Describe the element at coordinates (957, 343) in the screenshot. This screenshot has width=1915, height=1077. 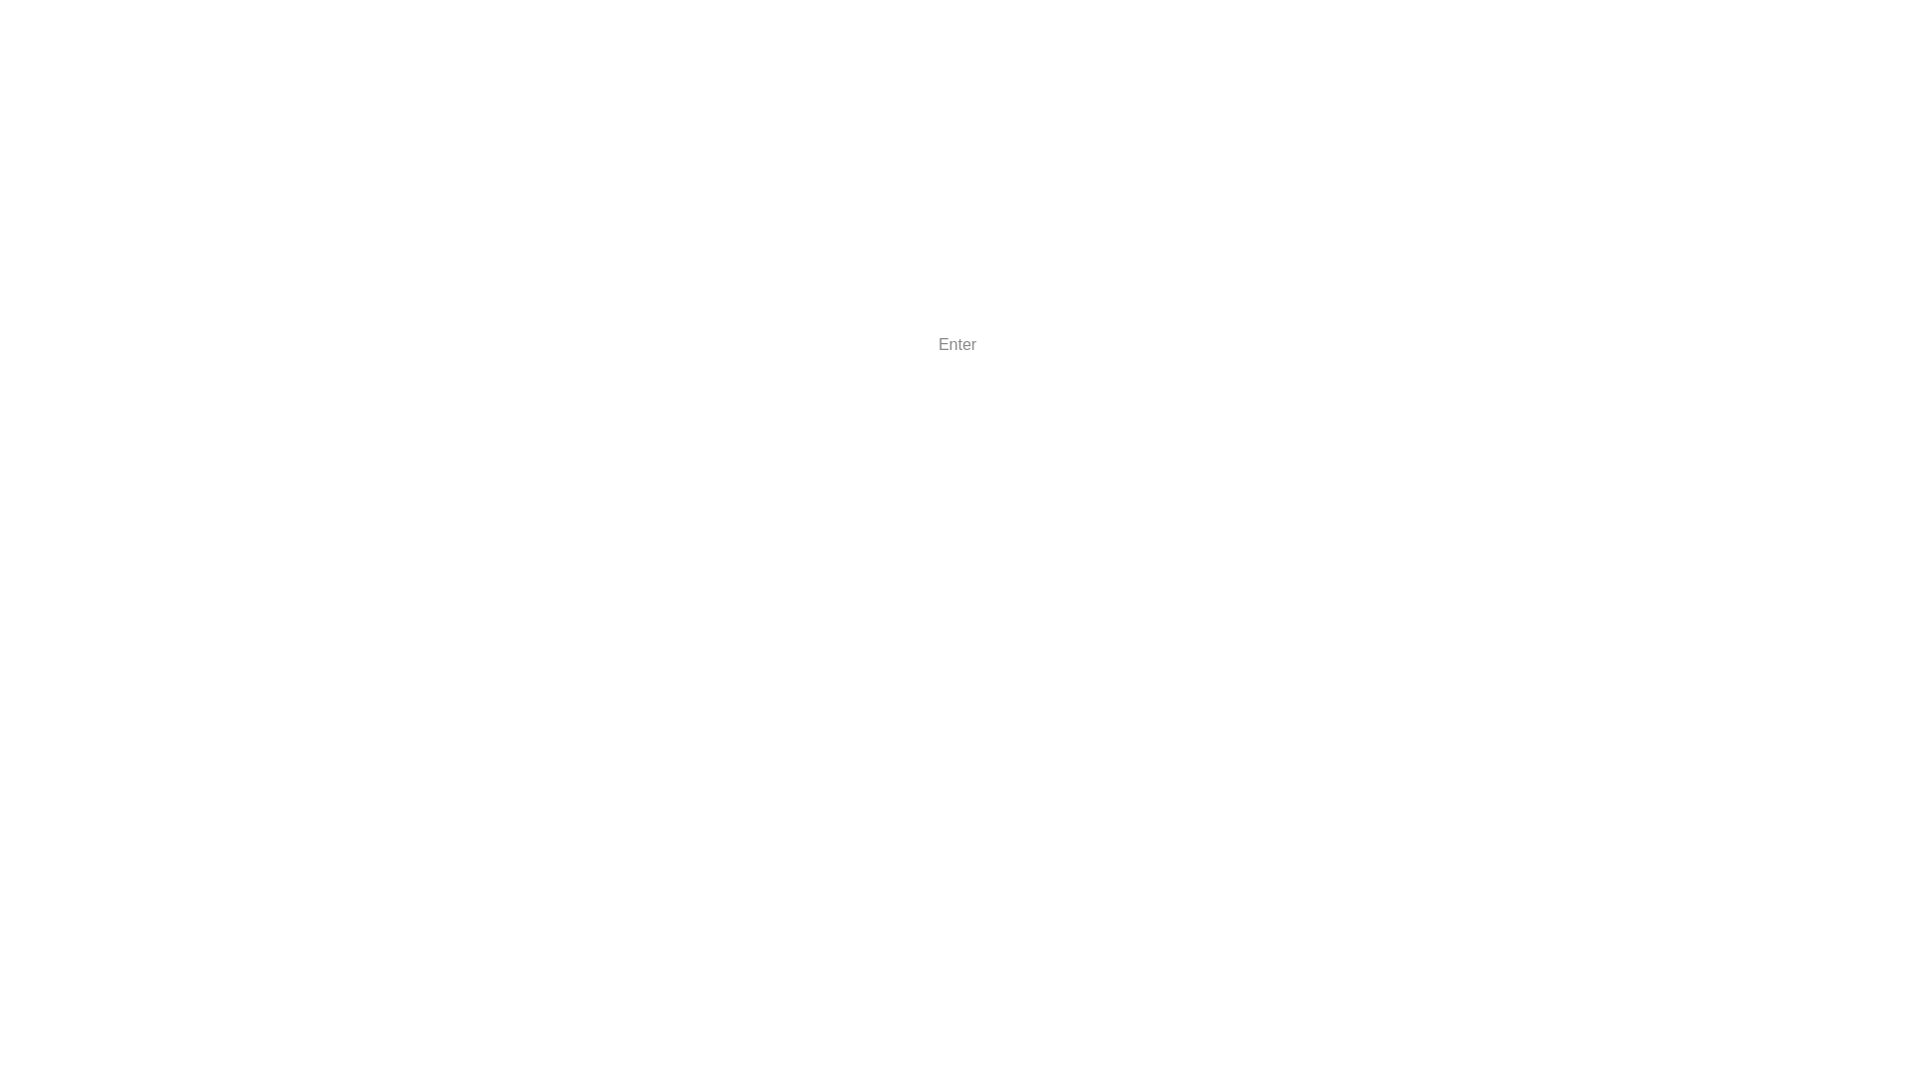
I see `'Enter'` at that location.